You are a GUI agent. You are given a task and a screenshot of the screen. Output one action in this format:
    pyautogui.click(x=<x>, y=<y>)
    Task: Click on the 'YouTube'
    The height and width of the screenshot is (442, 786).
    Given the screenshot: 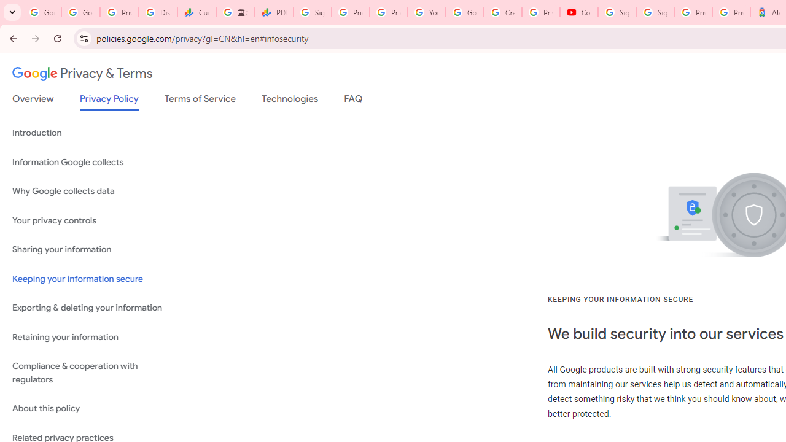 What is the action you would take?
    pyautogui.click(x=427, y=12)
    